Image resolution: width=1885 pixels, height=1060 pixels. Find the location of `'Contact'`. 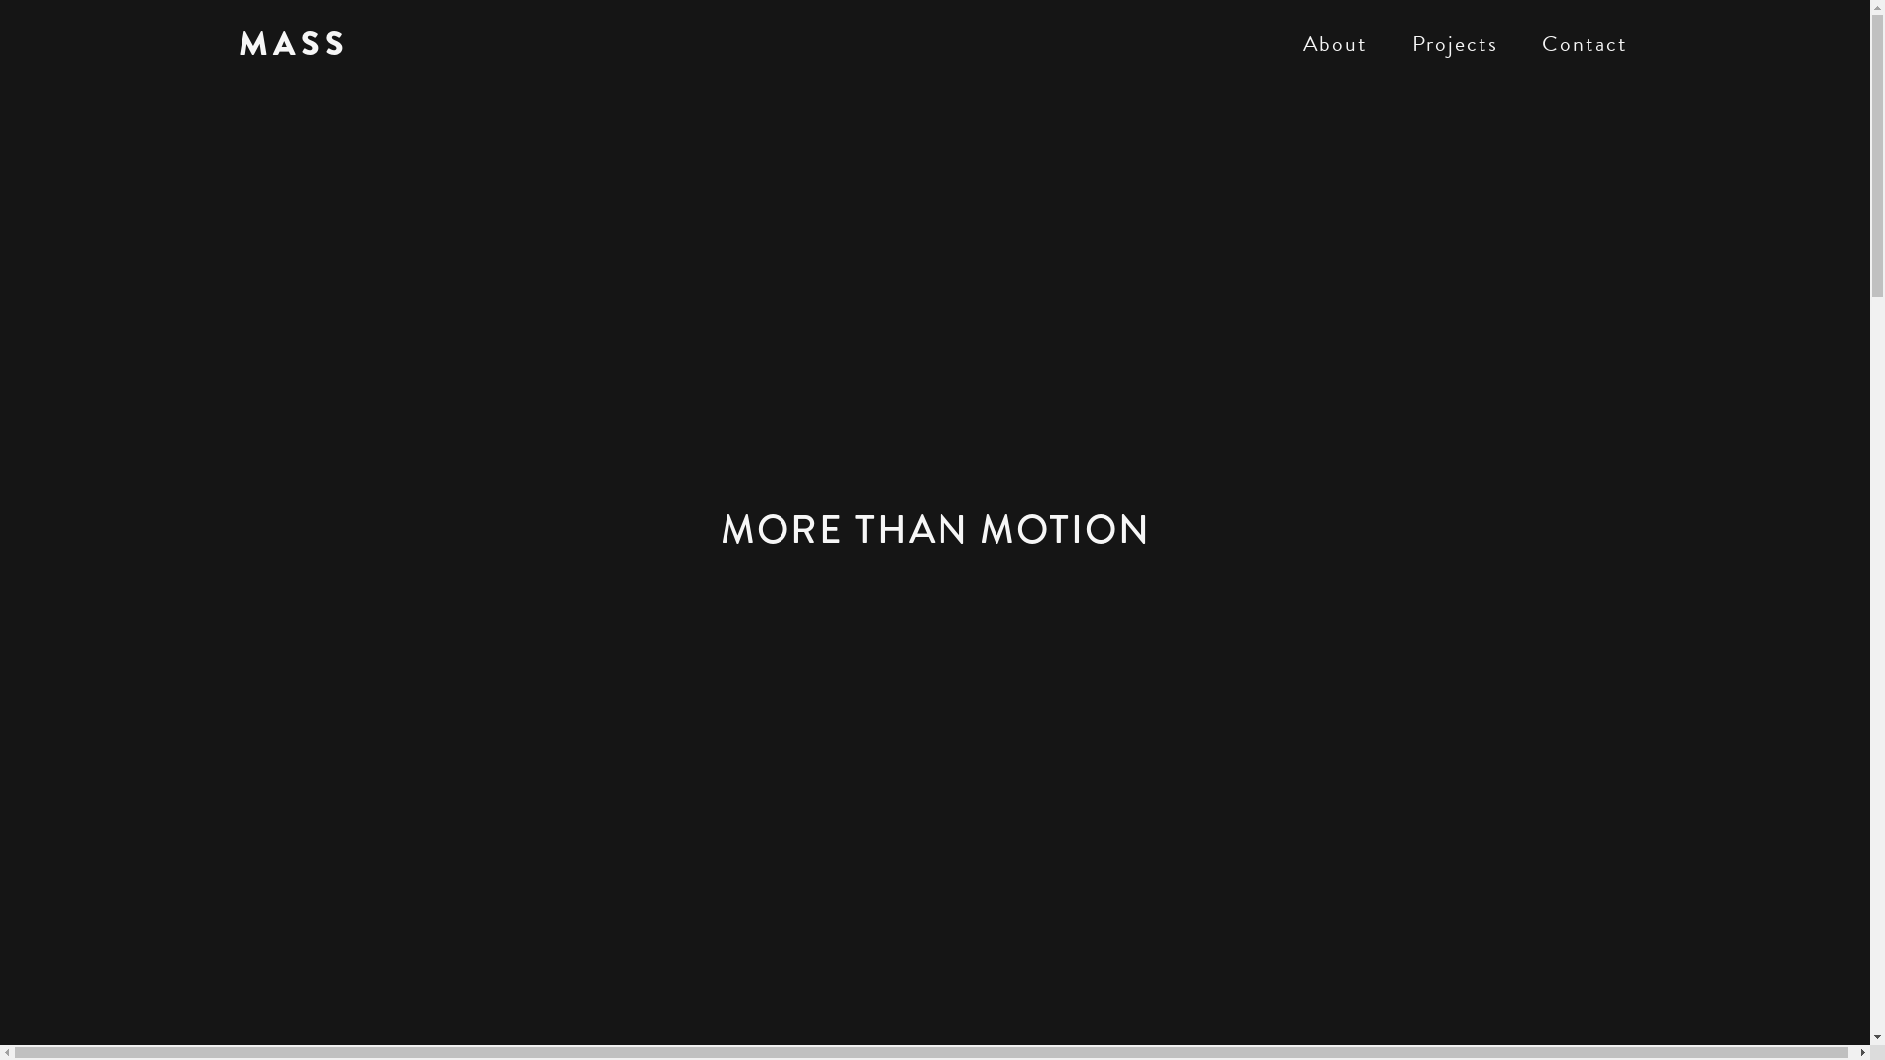

'Contact' is located at coordinates (1584, 44).